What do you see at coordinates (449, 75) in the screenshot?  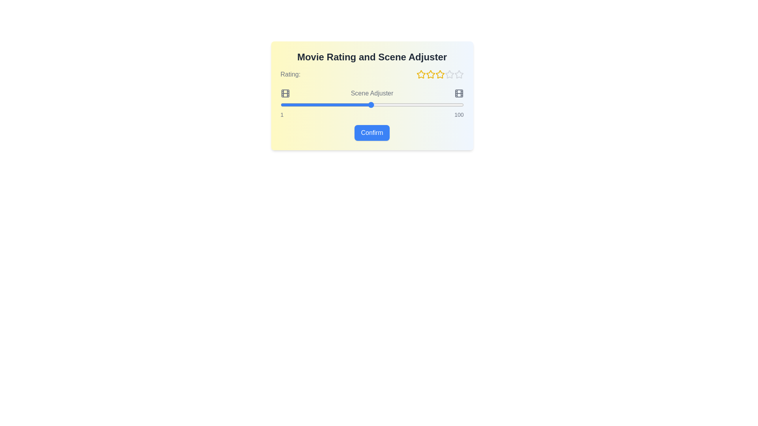 I see `the star corresponding to the desired rating of 4 stars` at bounding box center [449, 75].